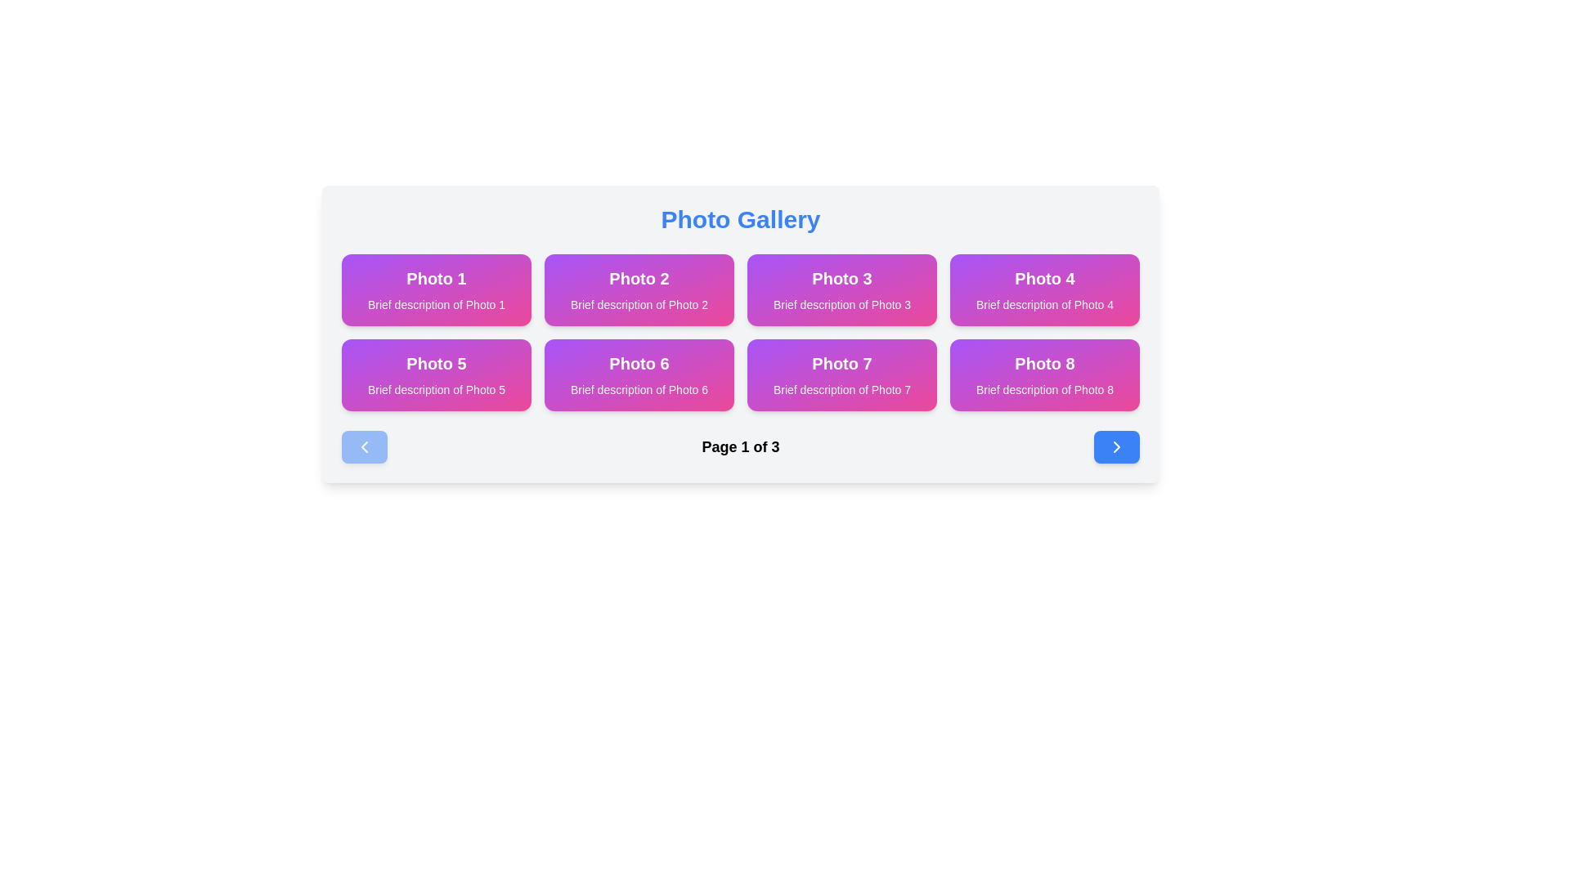 The width and height of the screenshot is (1570, 883). Describe the element at coordinates (639, 277) in the screenshot. I see `the text label that displays 'Photo 2' in bold, large font, located within the second card of the top row in a two-row grid of cards beneath the 'Photo Gallery' heading` at that location.